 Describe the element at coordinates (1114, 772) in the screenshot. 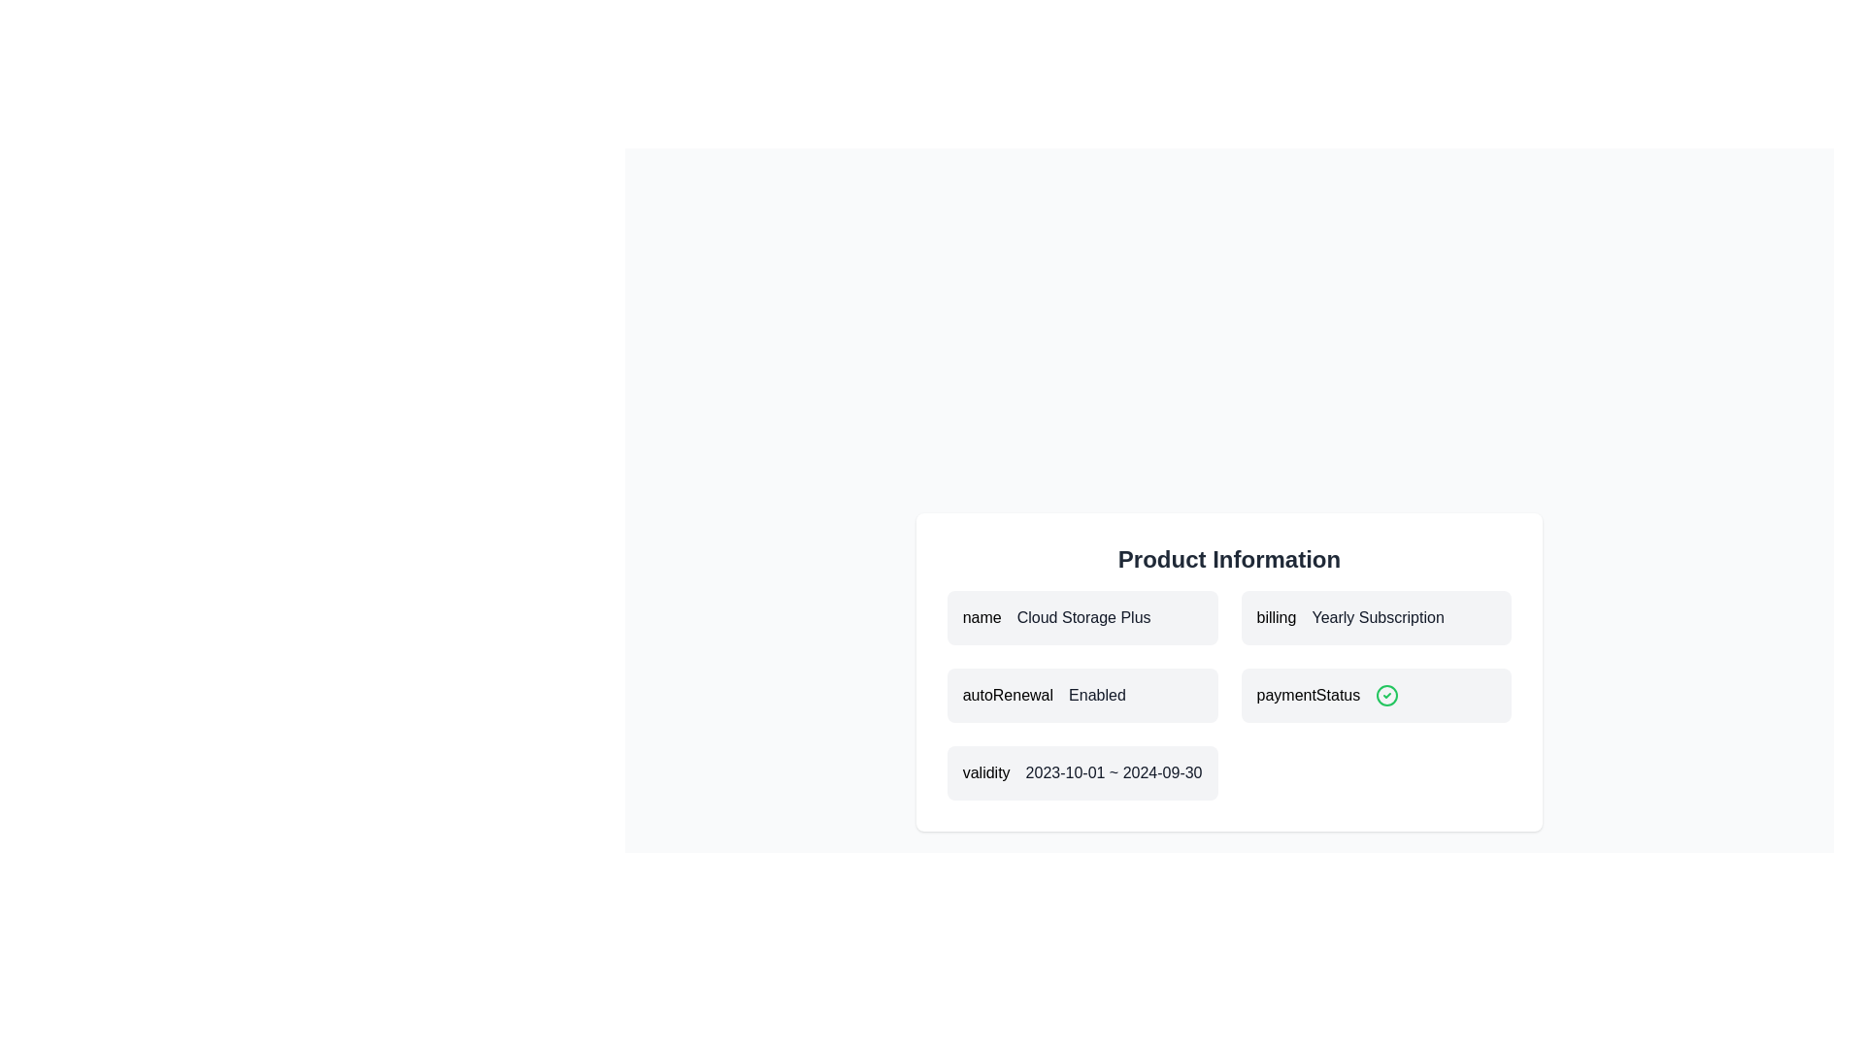

I see `the static text element displaying the date range, which is styled in dark gray within a bordered and rounded rectangle, located in the 'Product Information' section to the right of the 'validity' label` at that location.